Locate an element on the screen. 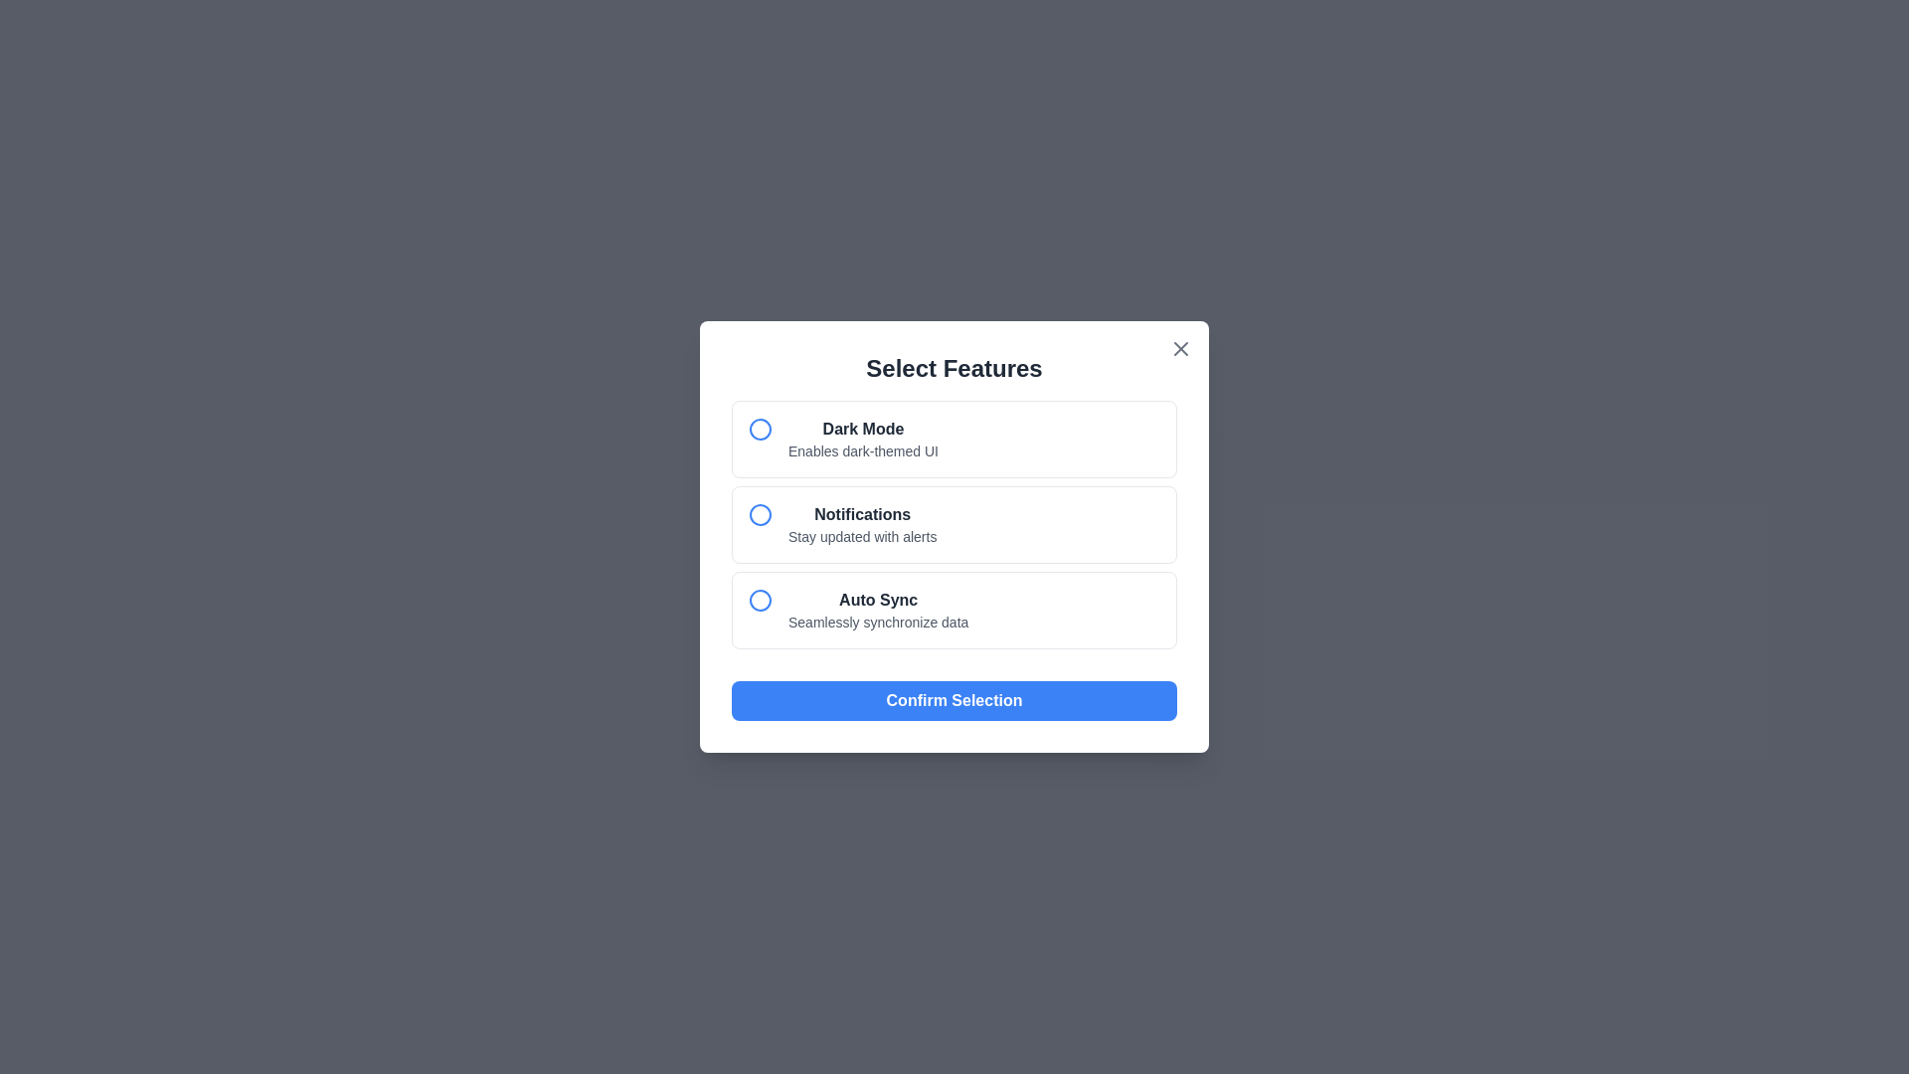 This screenshot has width=1909, height=1074. the option corresponding to Dark Mode to select it is located at coordinates (954, 439).